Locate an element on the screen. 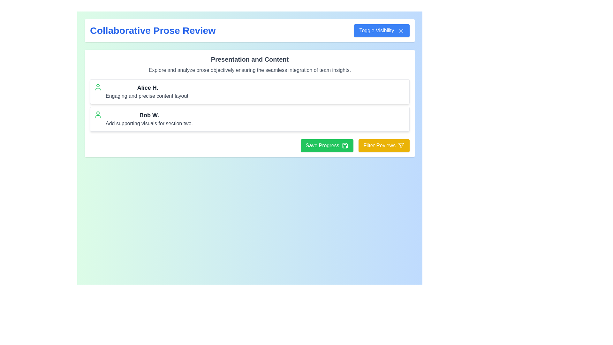 The width and height of the screenshot is (613, 345). the small 'X' icon styled in a vector graphic format, which is located within the blue rectangular button labeled 'Toggle Visibility' at the top-right corner of the interface is located at coordinates (401, 31).